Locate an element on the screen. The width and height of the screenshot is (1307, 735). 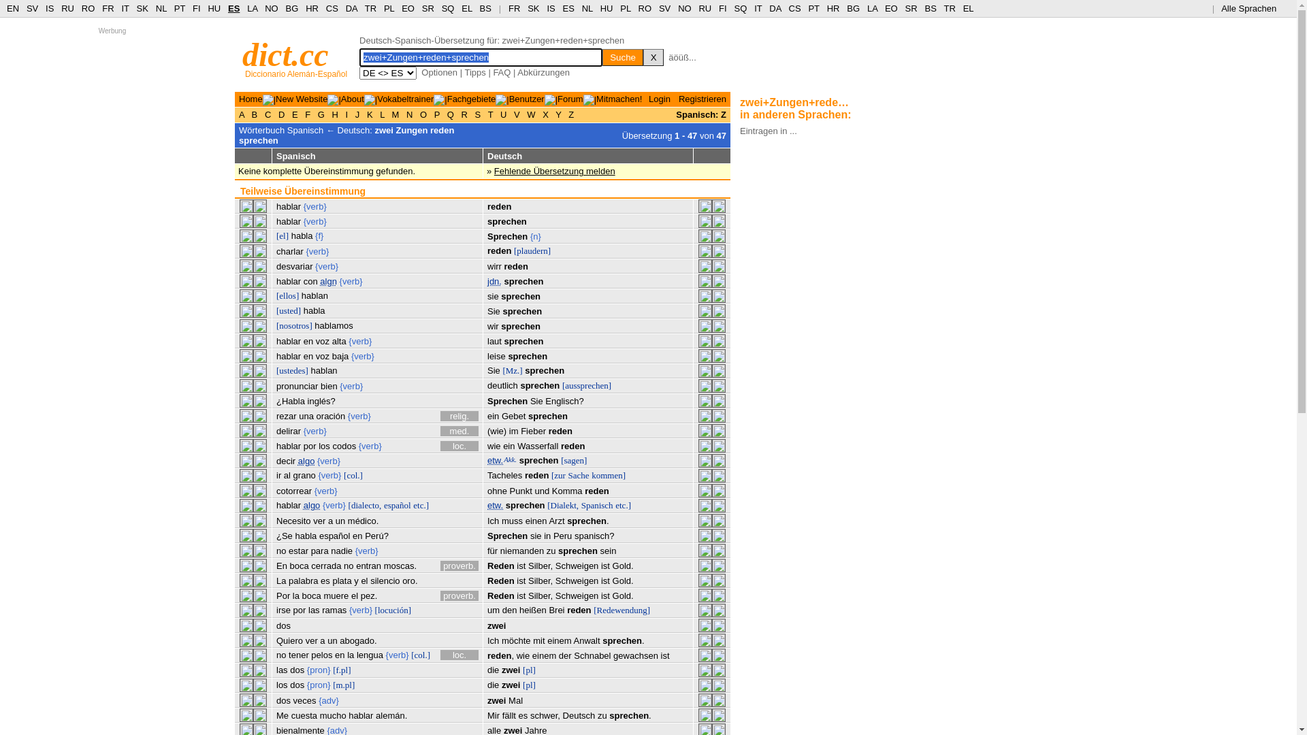
'no' is located at coordinates (276, 654).